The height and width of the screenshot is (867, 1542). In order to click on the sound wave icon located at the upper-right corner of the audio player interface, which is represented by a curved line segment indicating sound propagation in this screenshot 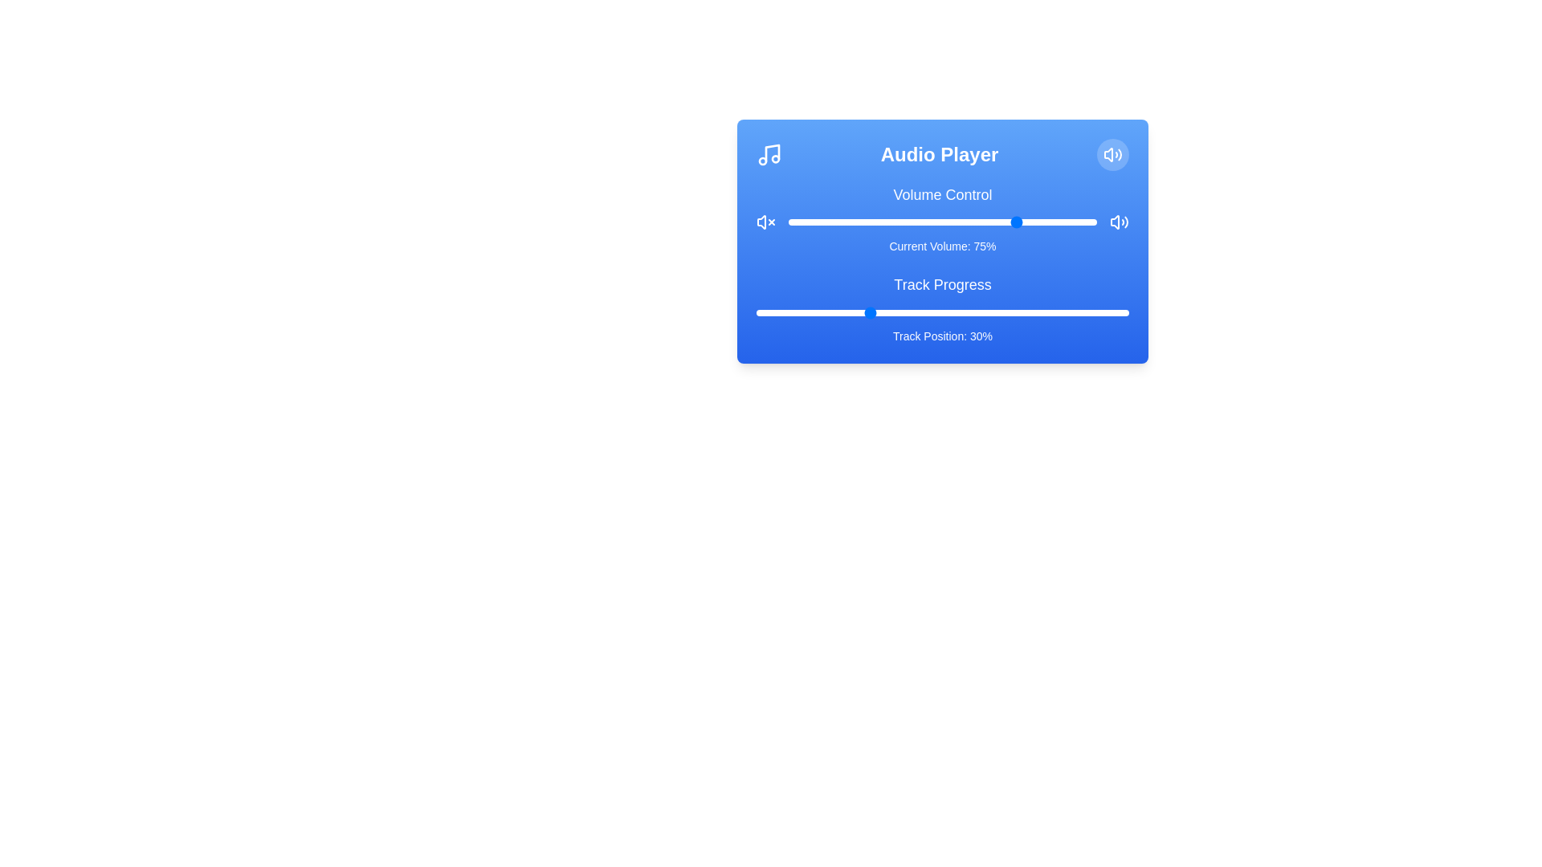, I will do `click(1125, 222)`.